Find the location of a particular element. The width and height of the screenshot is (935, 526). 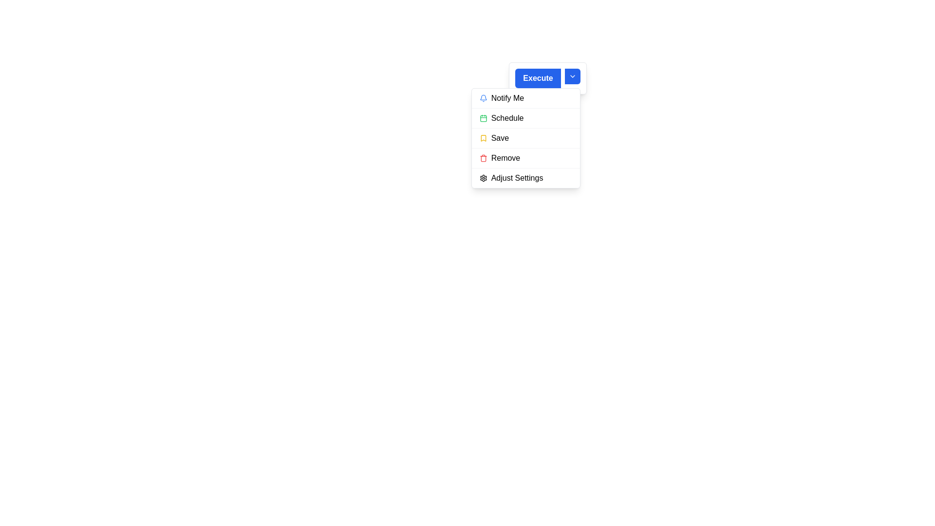

the gear-like graphical icon that represents the 'Adjust Settings' menu item, located to the left of the text label is located at coordinates (483, 178).